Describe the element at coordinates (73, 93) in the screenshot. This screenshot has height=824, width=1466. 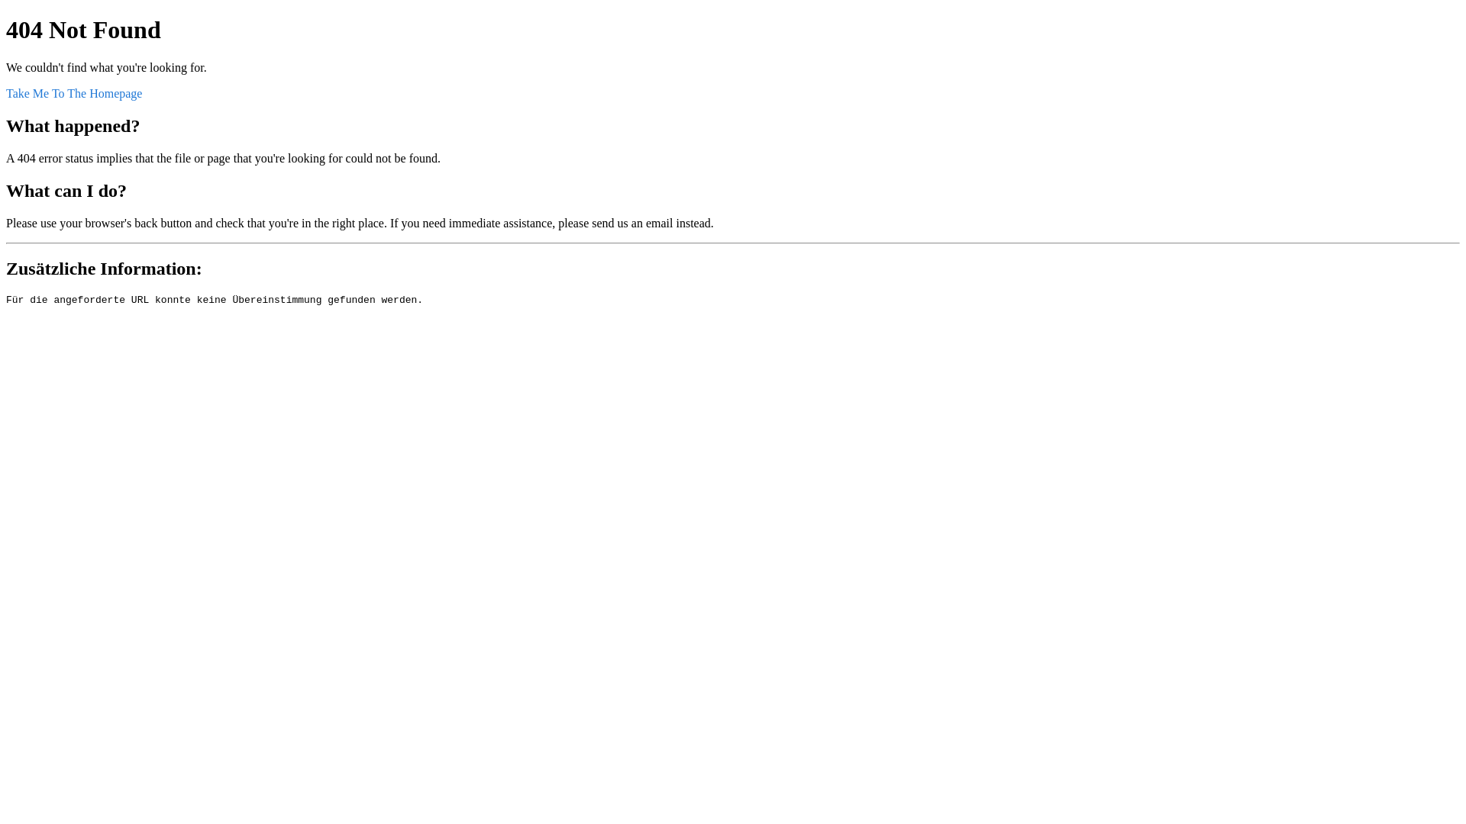
I see `'Take Me To The Homepage'` at that location.